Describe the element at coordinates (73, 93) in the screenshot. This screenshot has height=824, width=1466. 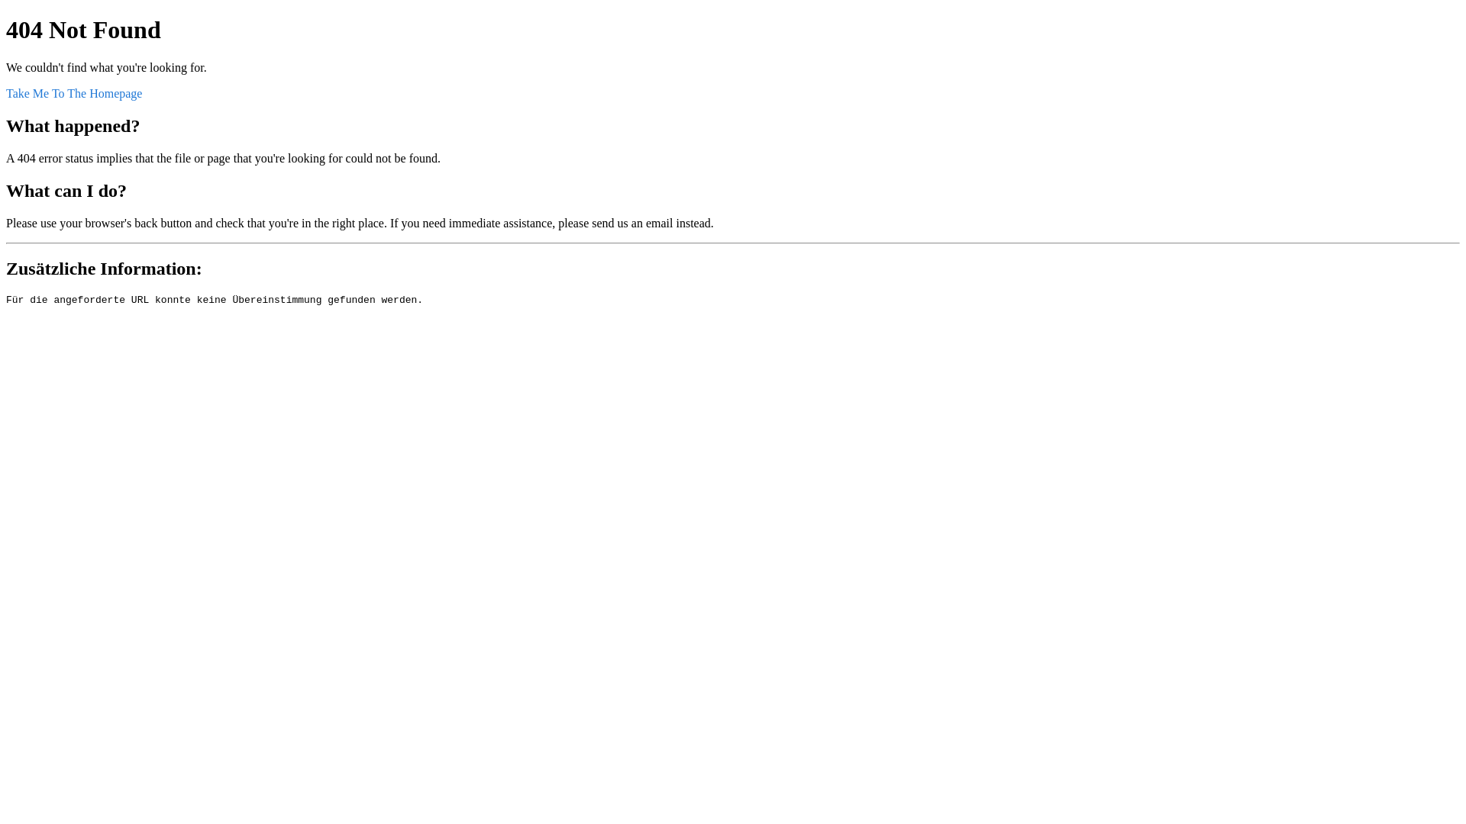
I see `'Take Me To The Homepage'` at that location.